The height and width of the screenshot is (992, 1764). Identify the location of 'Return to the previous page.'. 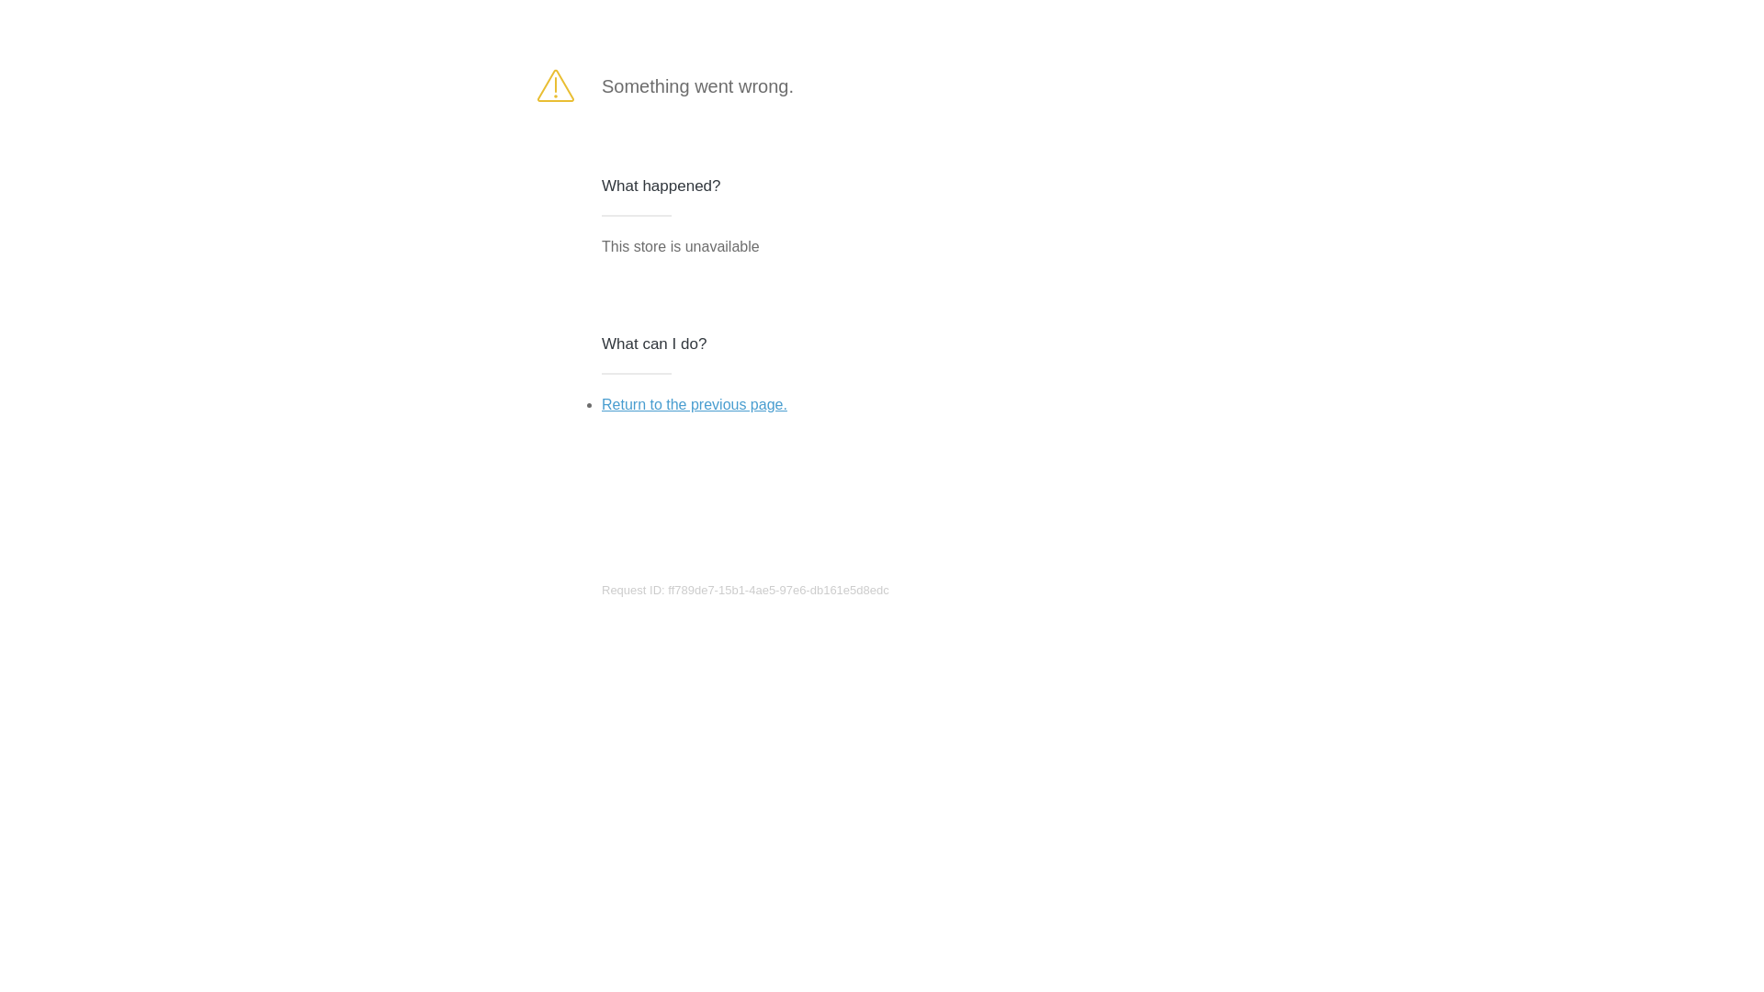
(693, 403).